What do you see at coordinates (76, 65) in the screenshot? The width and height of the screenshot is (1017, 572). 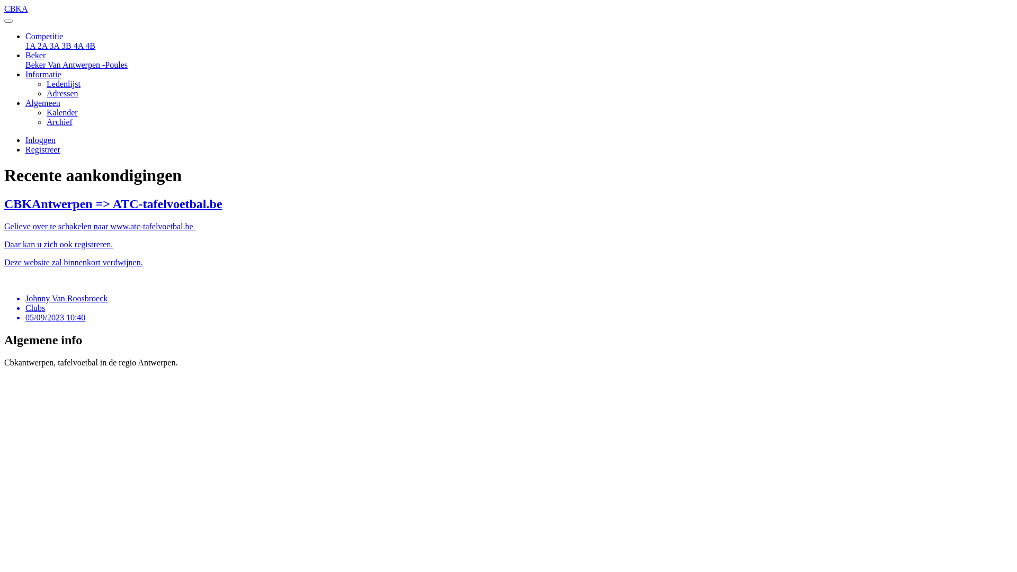 I see `'Beker Van Antwerpen -Poules'` at bounding box center [76, 65].